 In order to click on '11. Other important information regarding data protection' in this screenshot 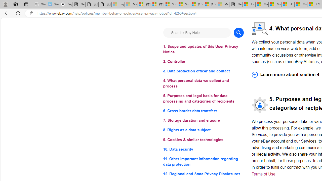, I will do `click(203, 161)`.